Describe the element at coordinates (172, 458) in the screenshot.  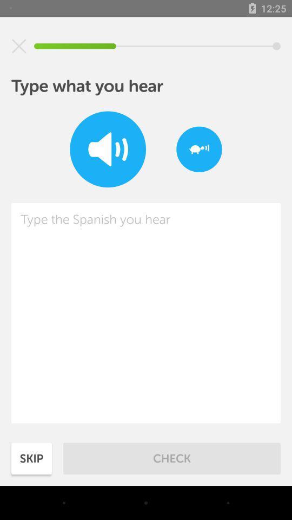
I see `the icon to the right of the skip icon` at that location.